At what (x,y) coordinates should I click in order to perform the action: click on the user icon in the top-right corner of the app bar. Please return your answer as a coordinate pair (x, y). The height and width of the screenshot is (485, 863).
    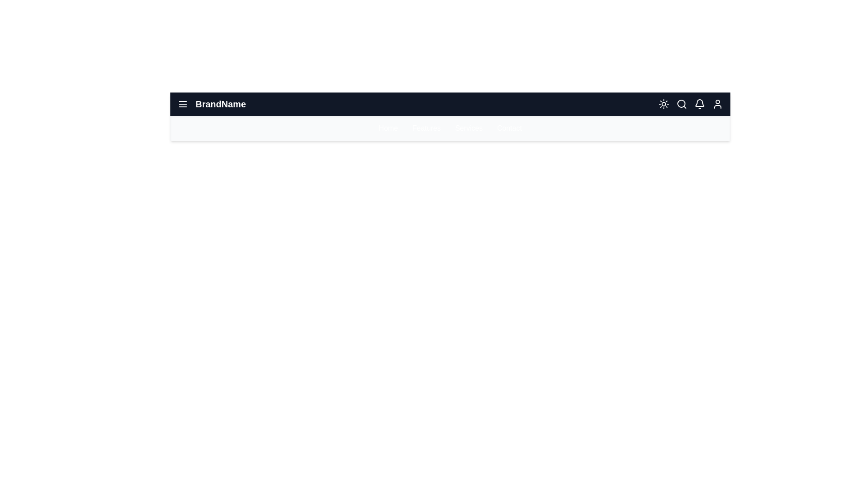
    Looking at the image, I should click on (717, 103).